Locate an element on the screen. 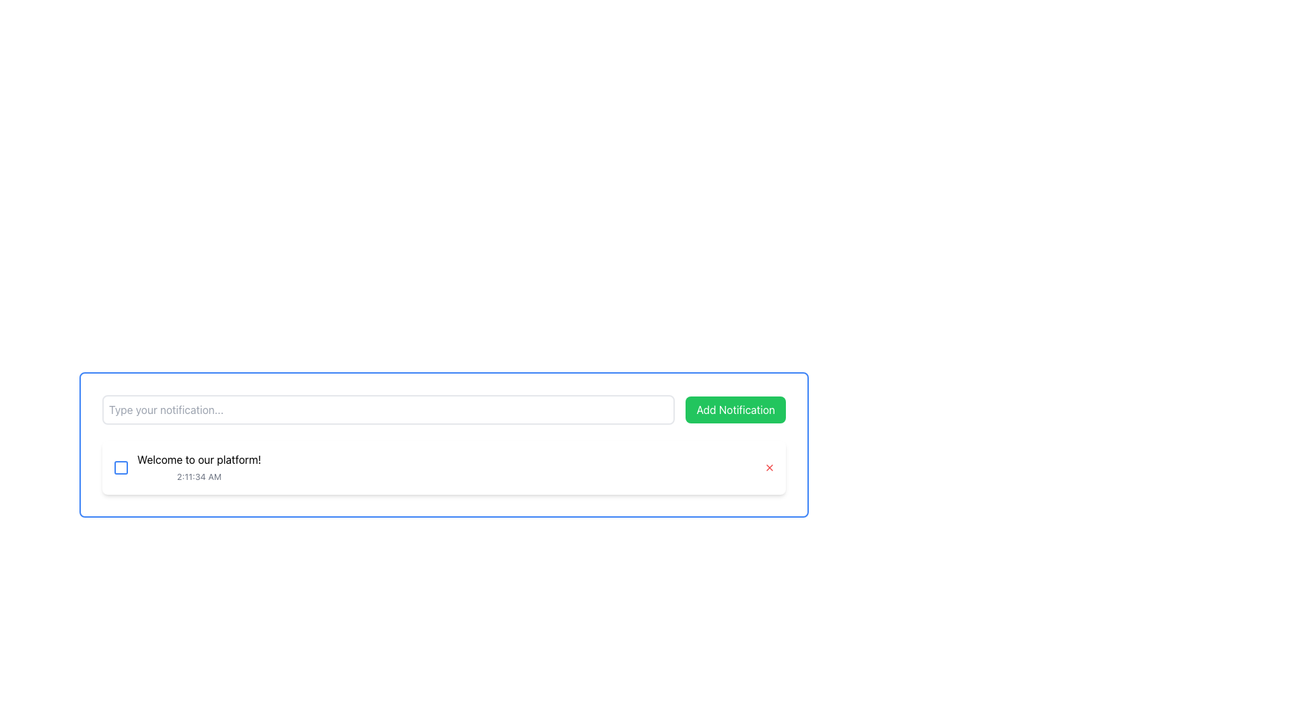  the cross icon button located at the extreme right of the notification bar to observe any hover effect is located at coordinates (769, 466).